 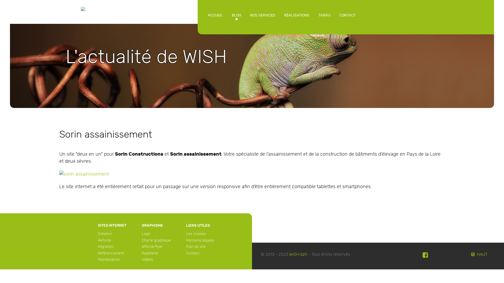 What do you see at coordinates (146, 233) in the screenshot?
I see `'Logo'` at bounding box center [146, 233].